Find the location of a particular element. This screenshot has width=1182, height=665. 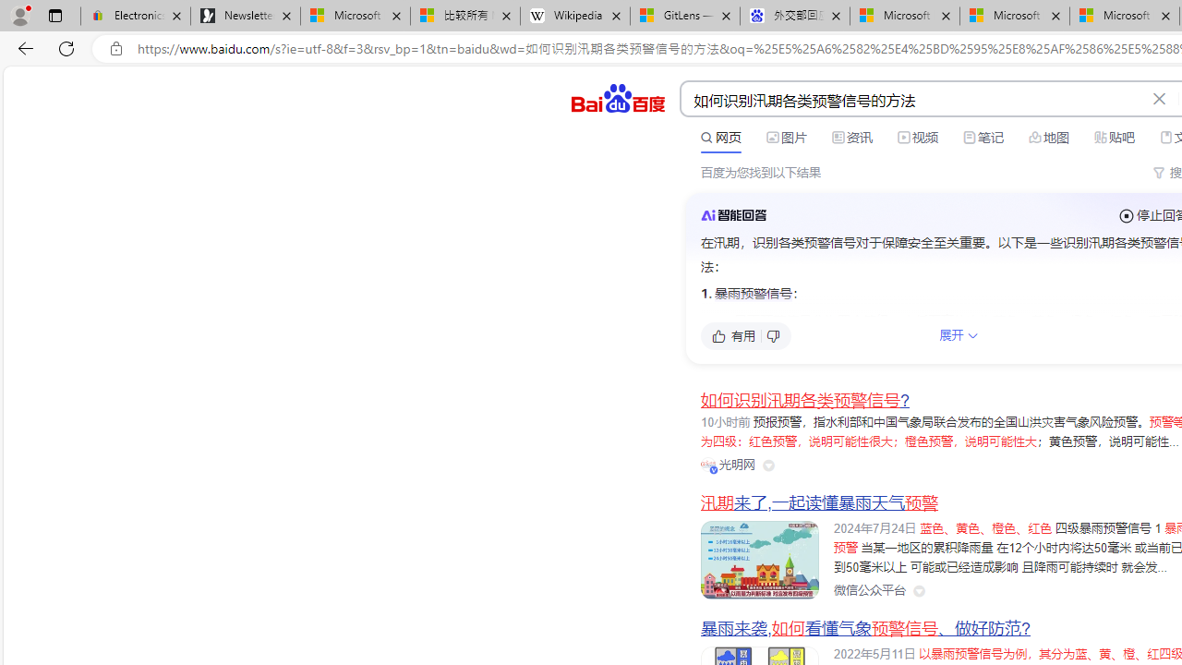

'AutomationID: kw' is located at coordinates (913, 100).